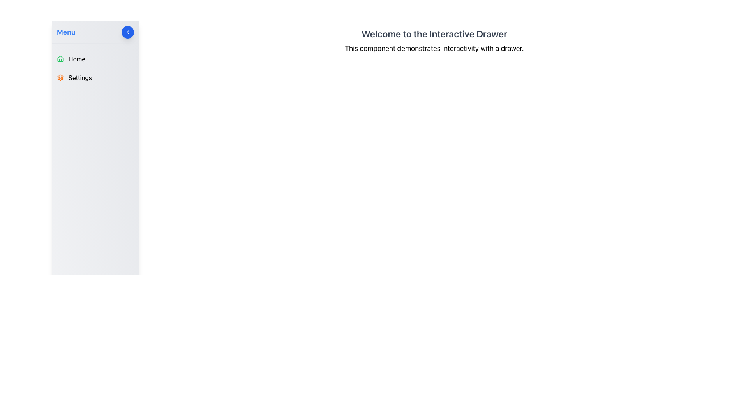  I want to click on the 'Home' Text Label located in the left vertical menu under the header 'Menu', positioned to the right of a green house-shaped icon, so click(77, 58).